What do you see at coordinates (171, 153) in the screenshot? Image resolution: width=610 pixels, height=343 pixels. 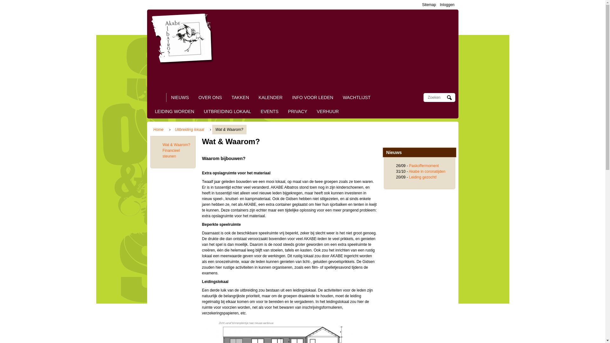 I see `'Financieel steunen'` at bounding box center [171, 153].